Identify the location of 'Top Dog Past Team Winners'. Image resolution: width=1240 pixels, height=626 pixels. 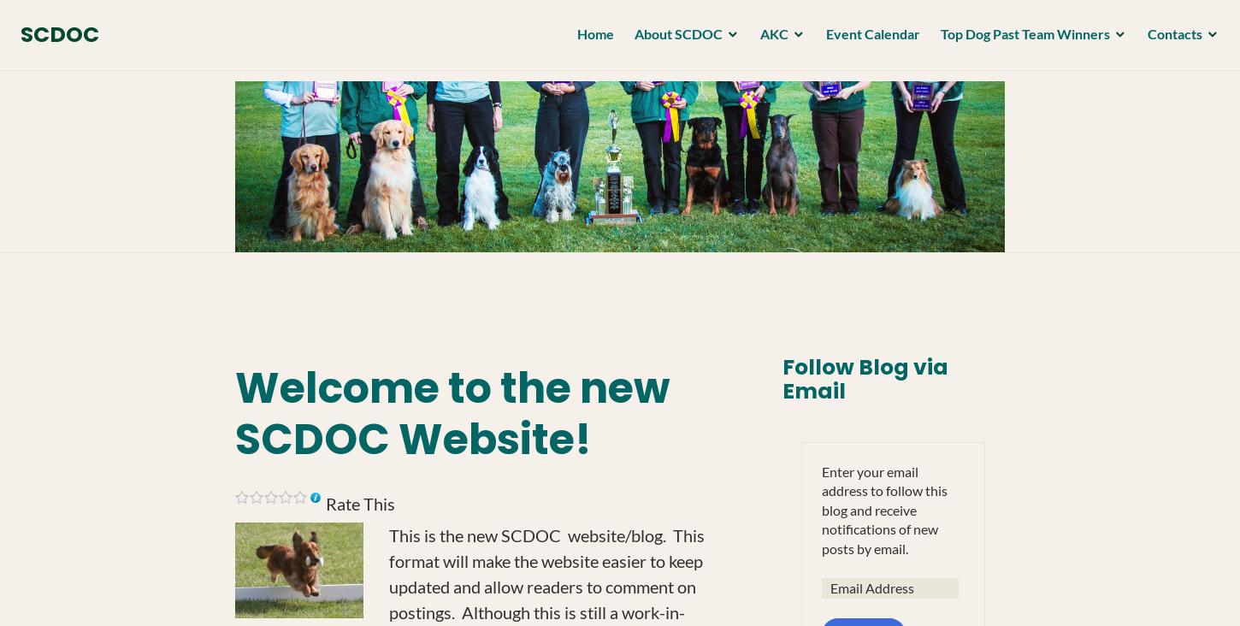
(1019, 37).